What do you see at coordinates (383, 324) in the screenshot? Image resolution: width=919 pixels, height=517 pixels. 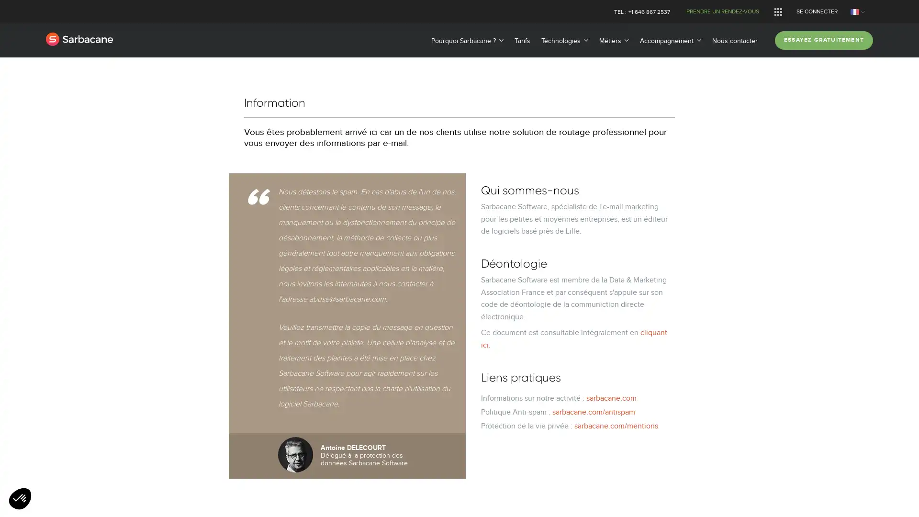 I see `Non merci` at bounding box center [383, 324].